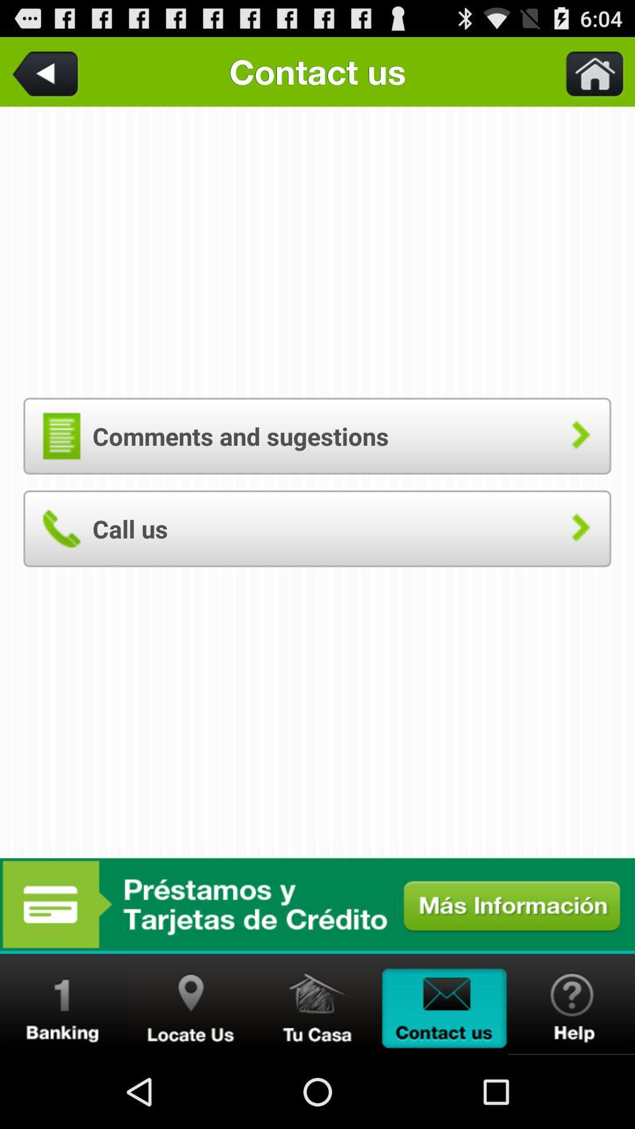 The image size is (635, 1129). I want to click on the home icon, so click(317, 1075).